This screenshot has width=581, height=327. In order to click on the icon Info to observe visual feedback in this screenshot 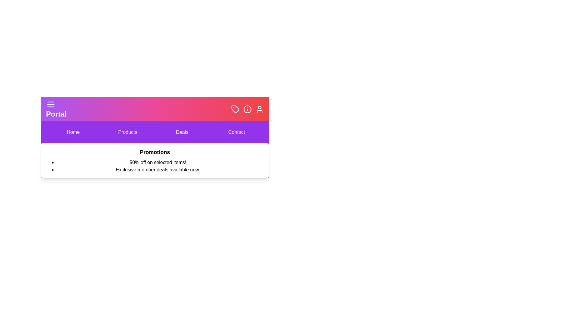, I will do `click(247, 109)`.